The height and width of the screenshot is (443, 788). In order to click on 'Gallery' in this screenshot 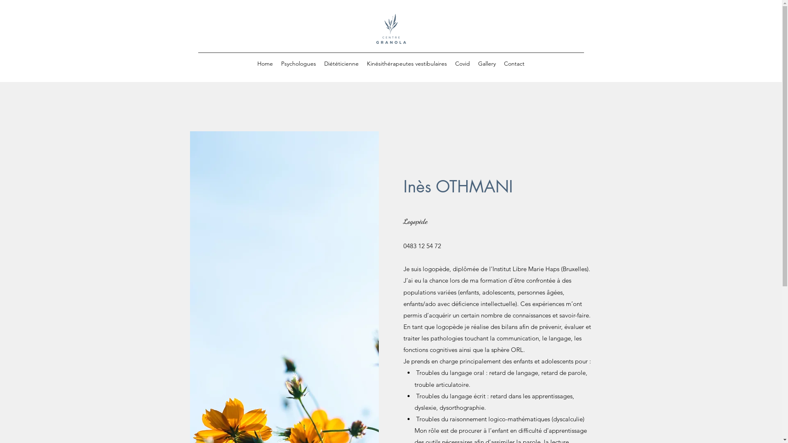, I will do `click(474, 63)`.